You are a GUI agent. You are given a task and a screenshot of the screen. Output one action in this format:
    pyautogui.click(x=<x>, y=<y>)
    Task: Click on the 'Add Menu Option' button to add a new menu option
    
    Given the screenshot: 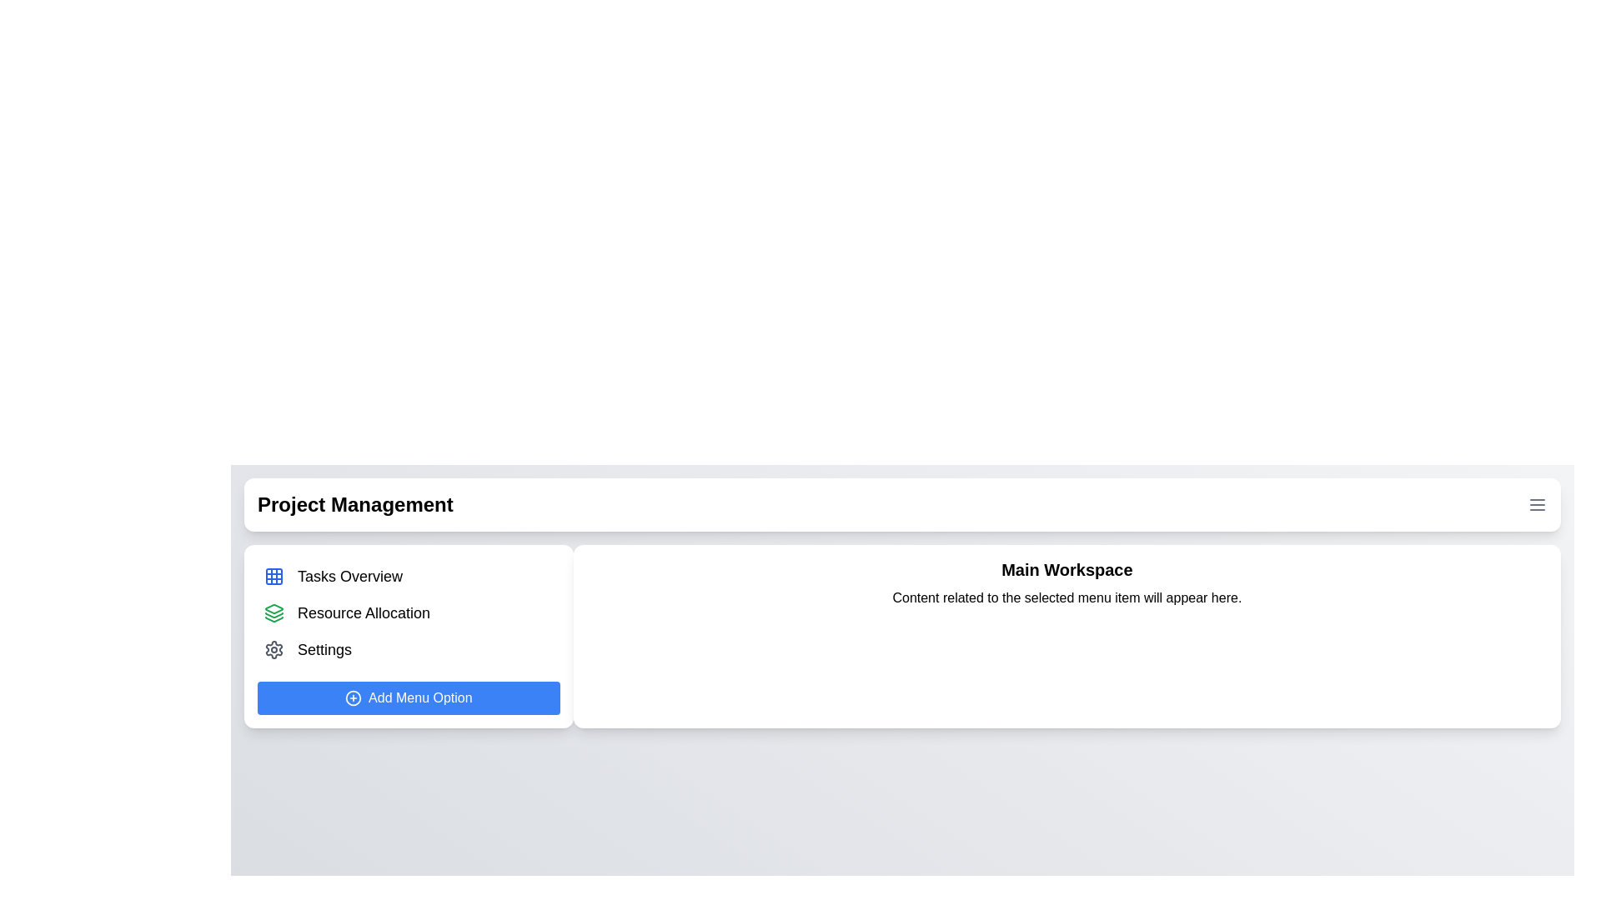 What is the action you would take?
    pyautogui.click(x=408, y=697)
    